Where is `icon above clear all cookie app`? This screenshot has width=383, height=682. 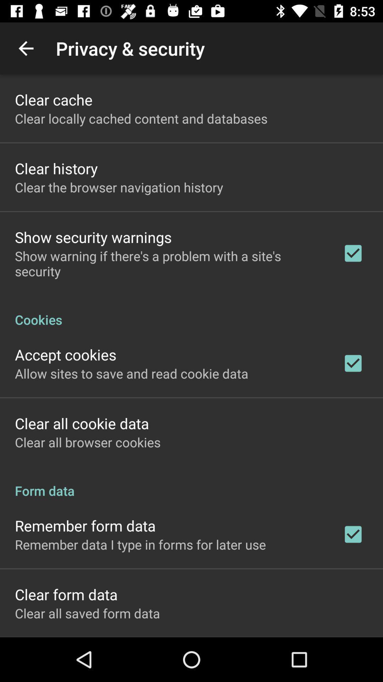 icon above clear all cookie app is located at coordinates (132, 373).